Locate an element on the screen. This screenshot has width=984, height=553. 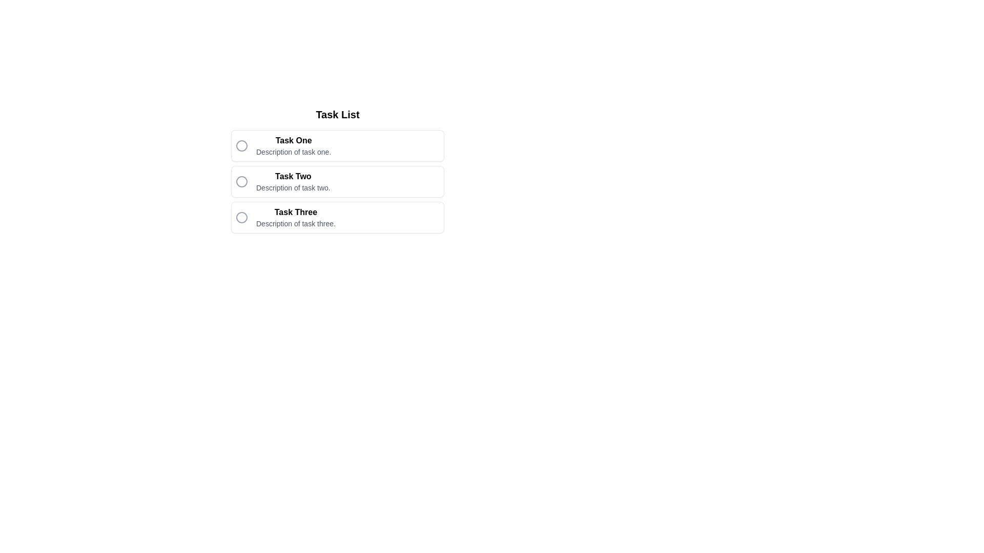
the leftmost radio button in the top row of the vertically stacked list is located at coordinates (241, 146).